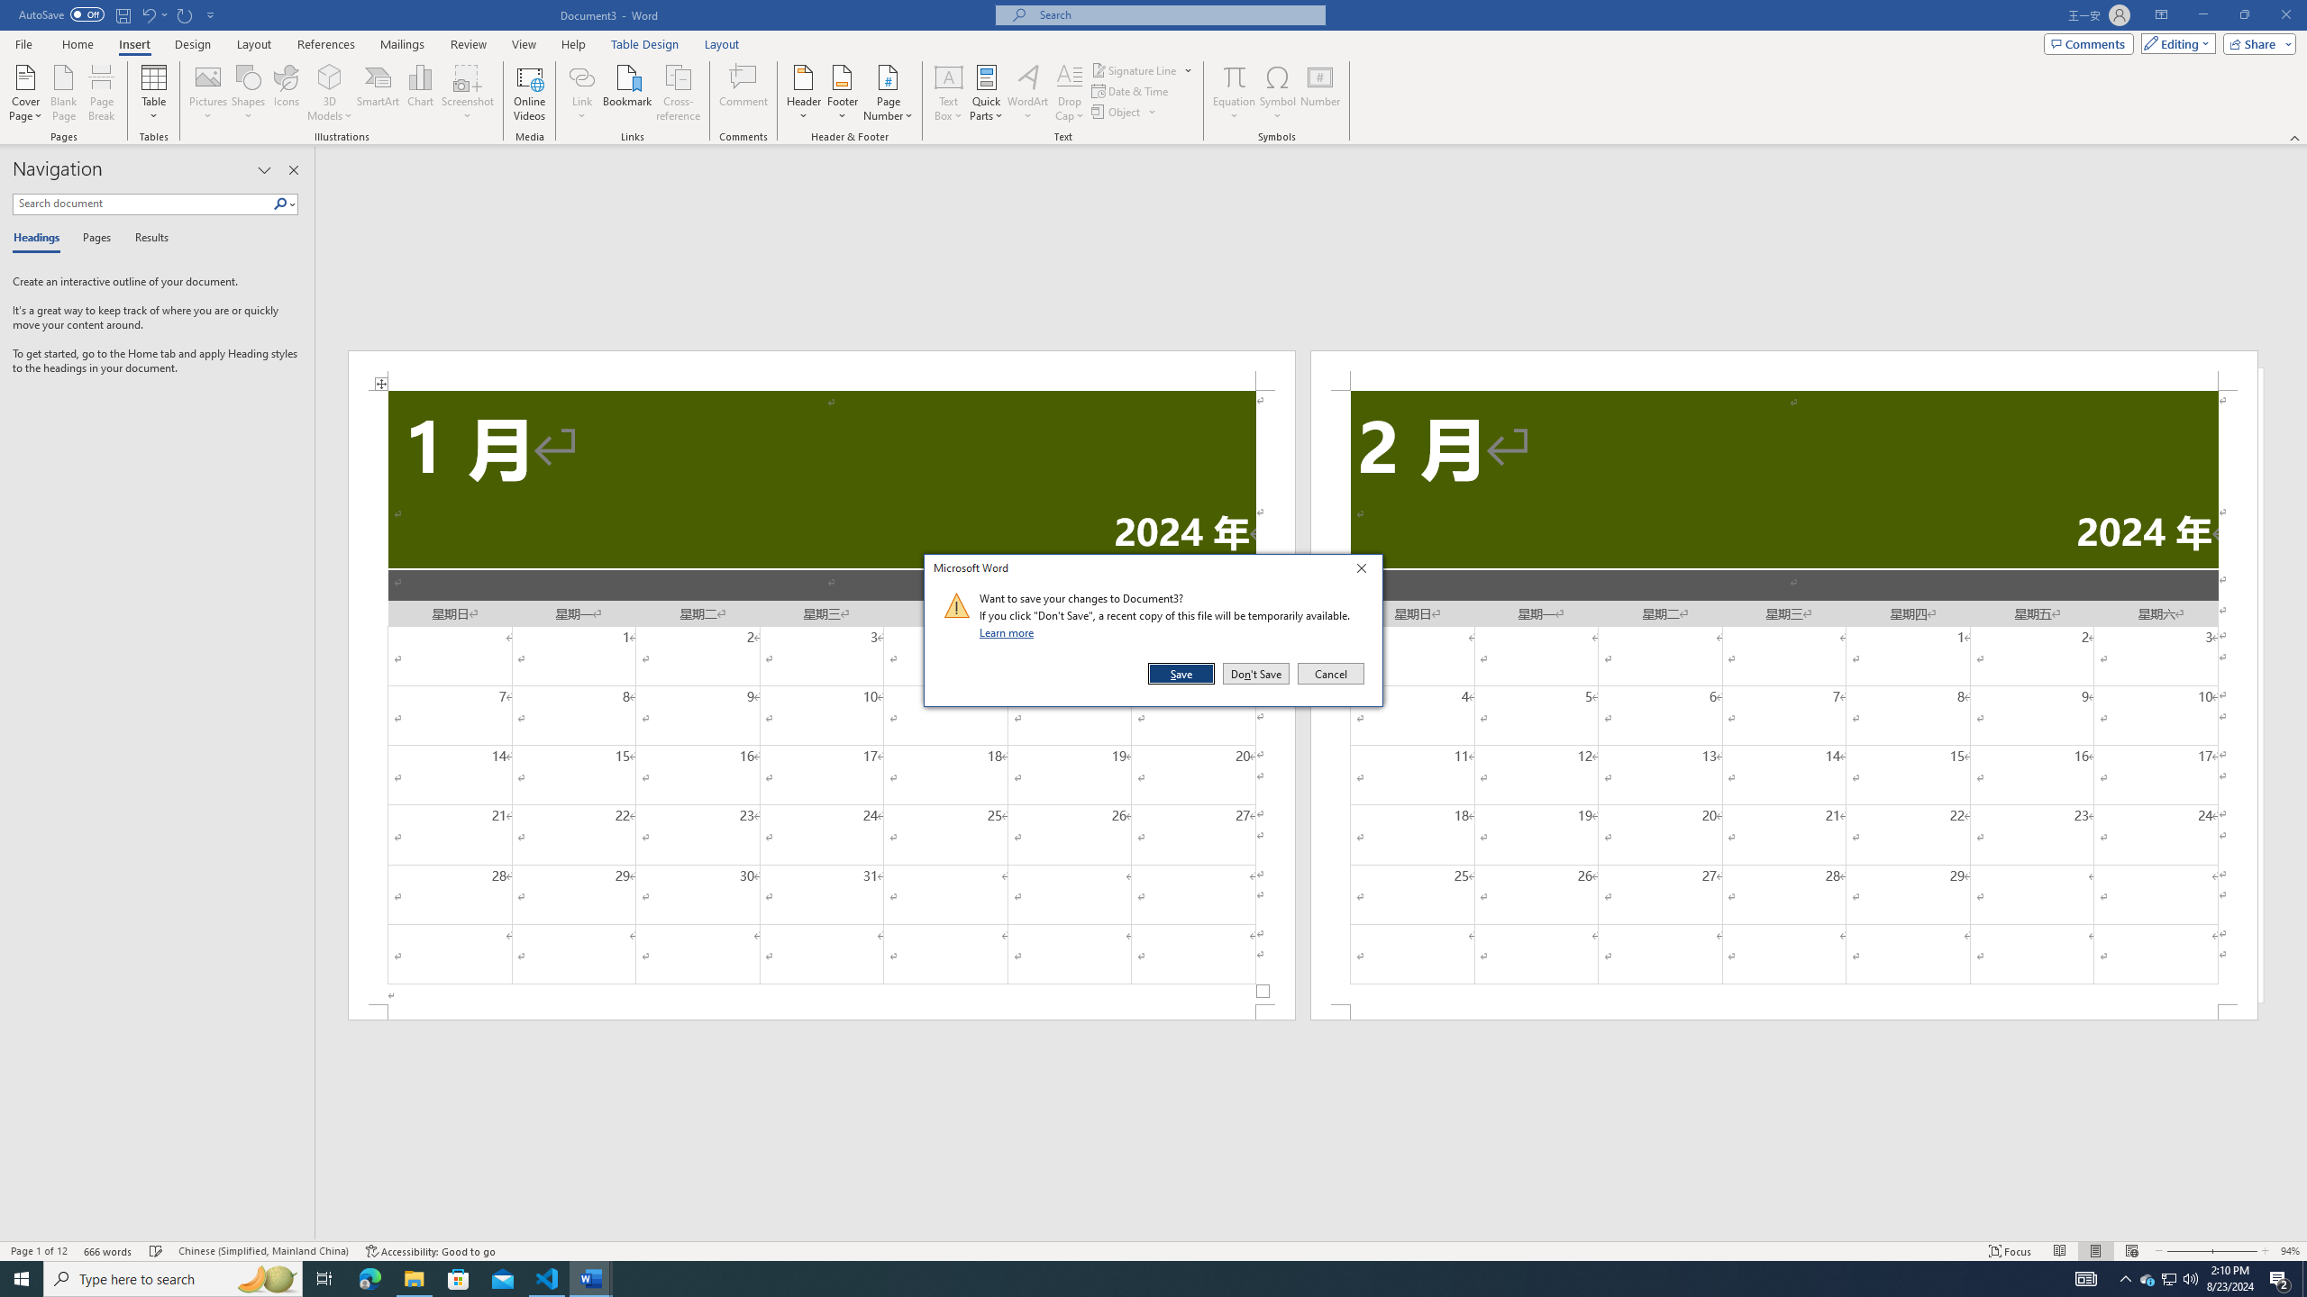 The image size is (2307, 1297). I want to click on 'Cross-reference...', so click(679, 93).